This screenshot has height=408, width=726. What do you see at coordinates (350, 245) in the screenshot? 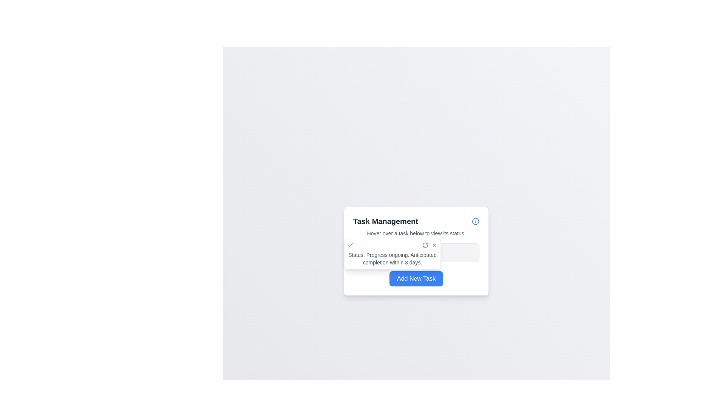
I see `the green check mark icon, which is the first icon in its group, indicating a completed status` at bounding box center [350, 245].